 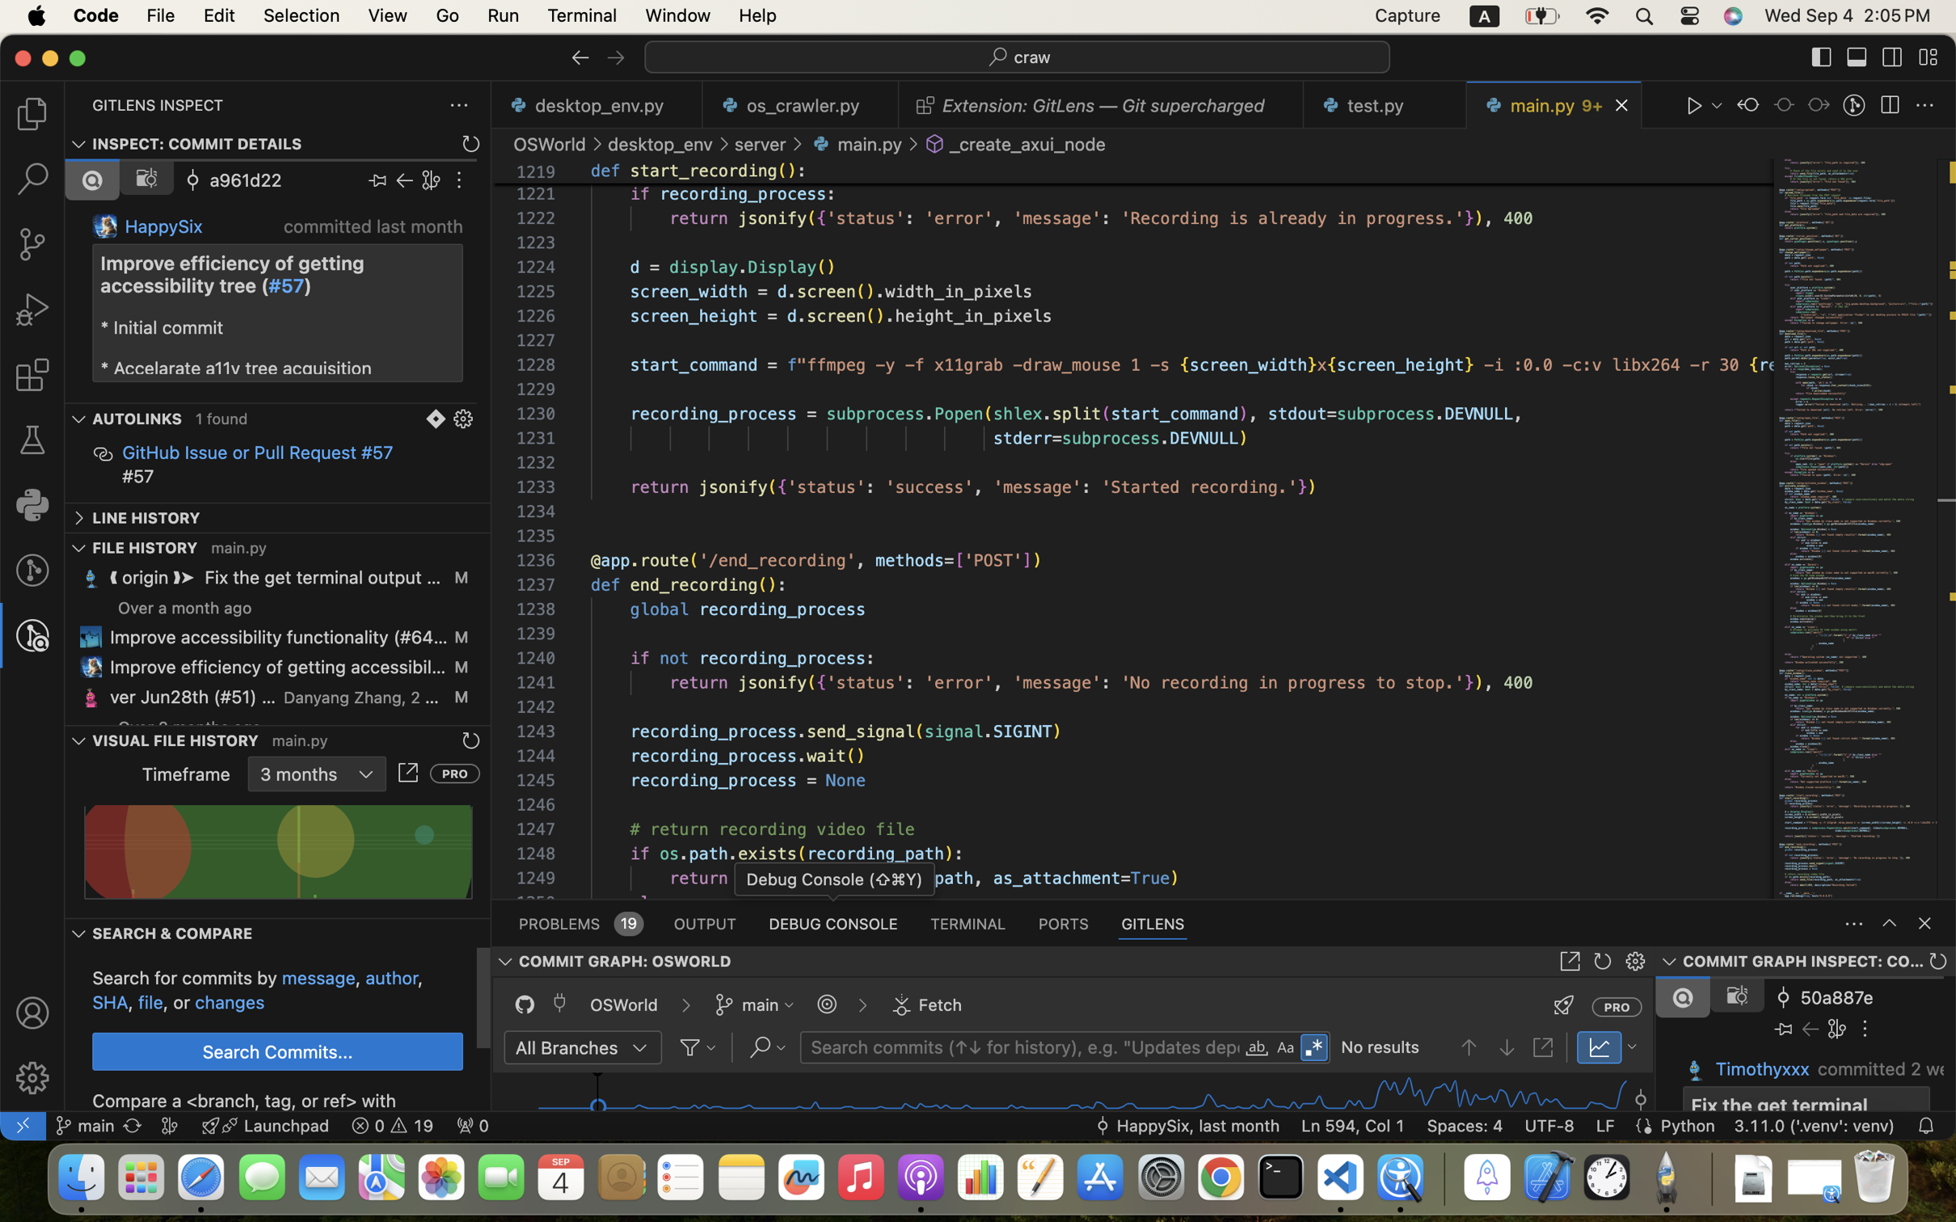 What do you see at coordinates (185, 608) in the screenshot?
I see `'Over a month ago'` at bounding box center [185, 608].